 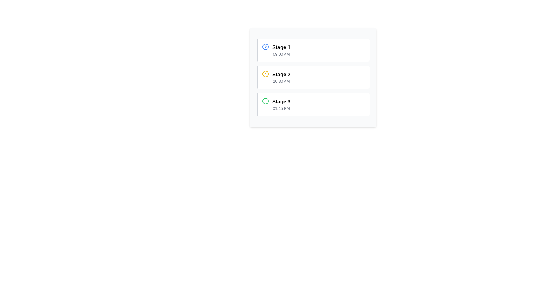 I want to click on the static text label that reads 'Stage 1', which is styled with a larger font size and bold weight, located at the top of a vertical list inside a white rectangular card with rounded corners, so click(x=281, y=47).